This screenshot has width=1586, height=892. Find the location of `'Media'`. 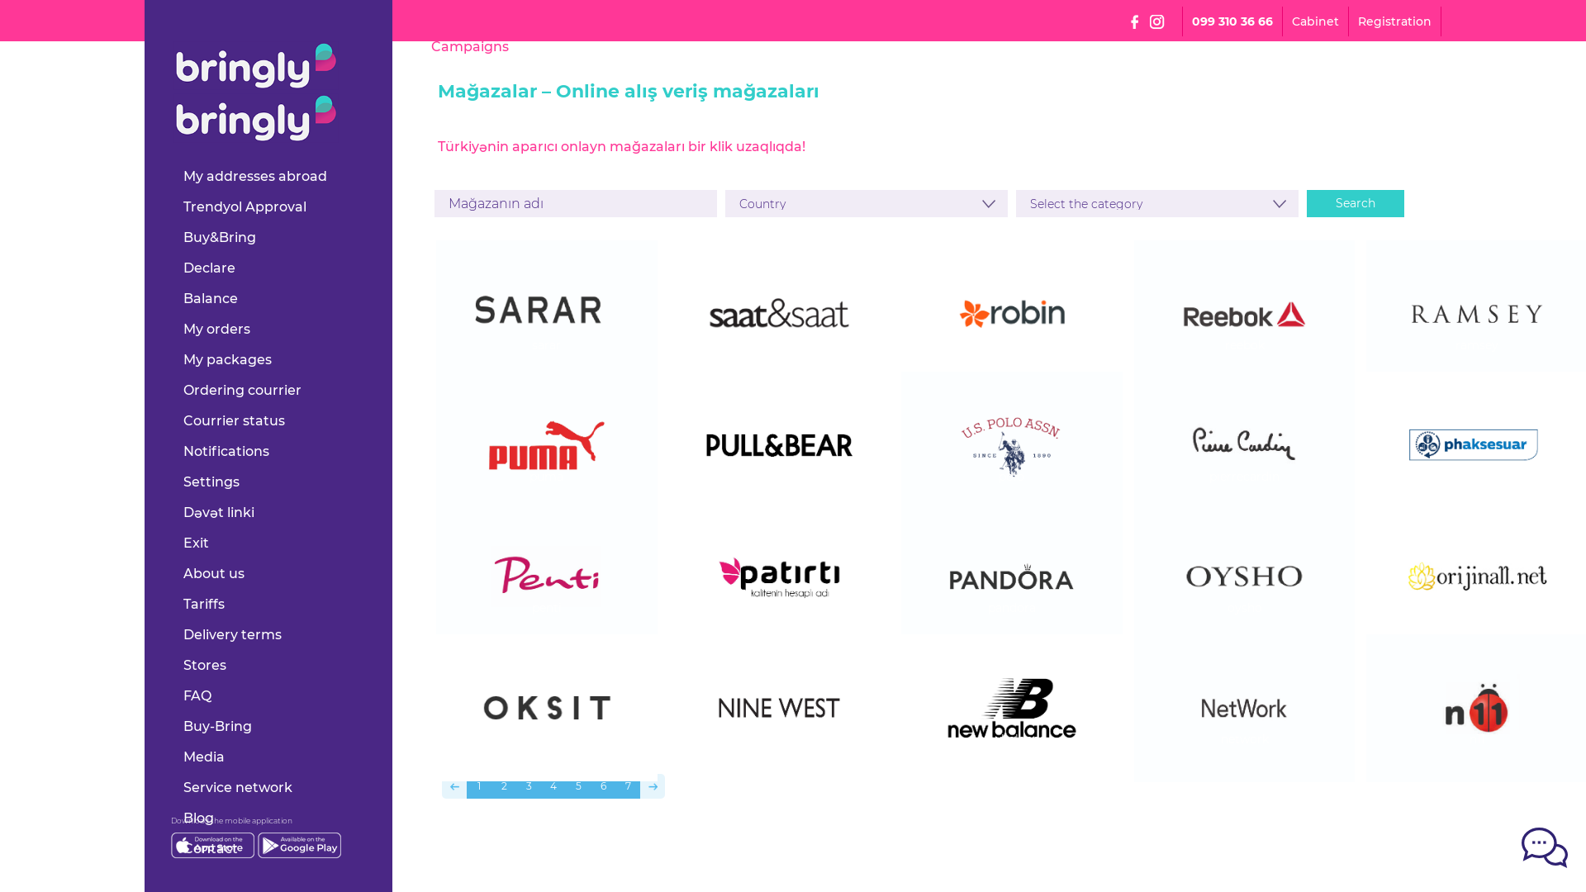

'Media' is located at coordinates (202, 757).